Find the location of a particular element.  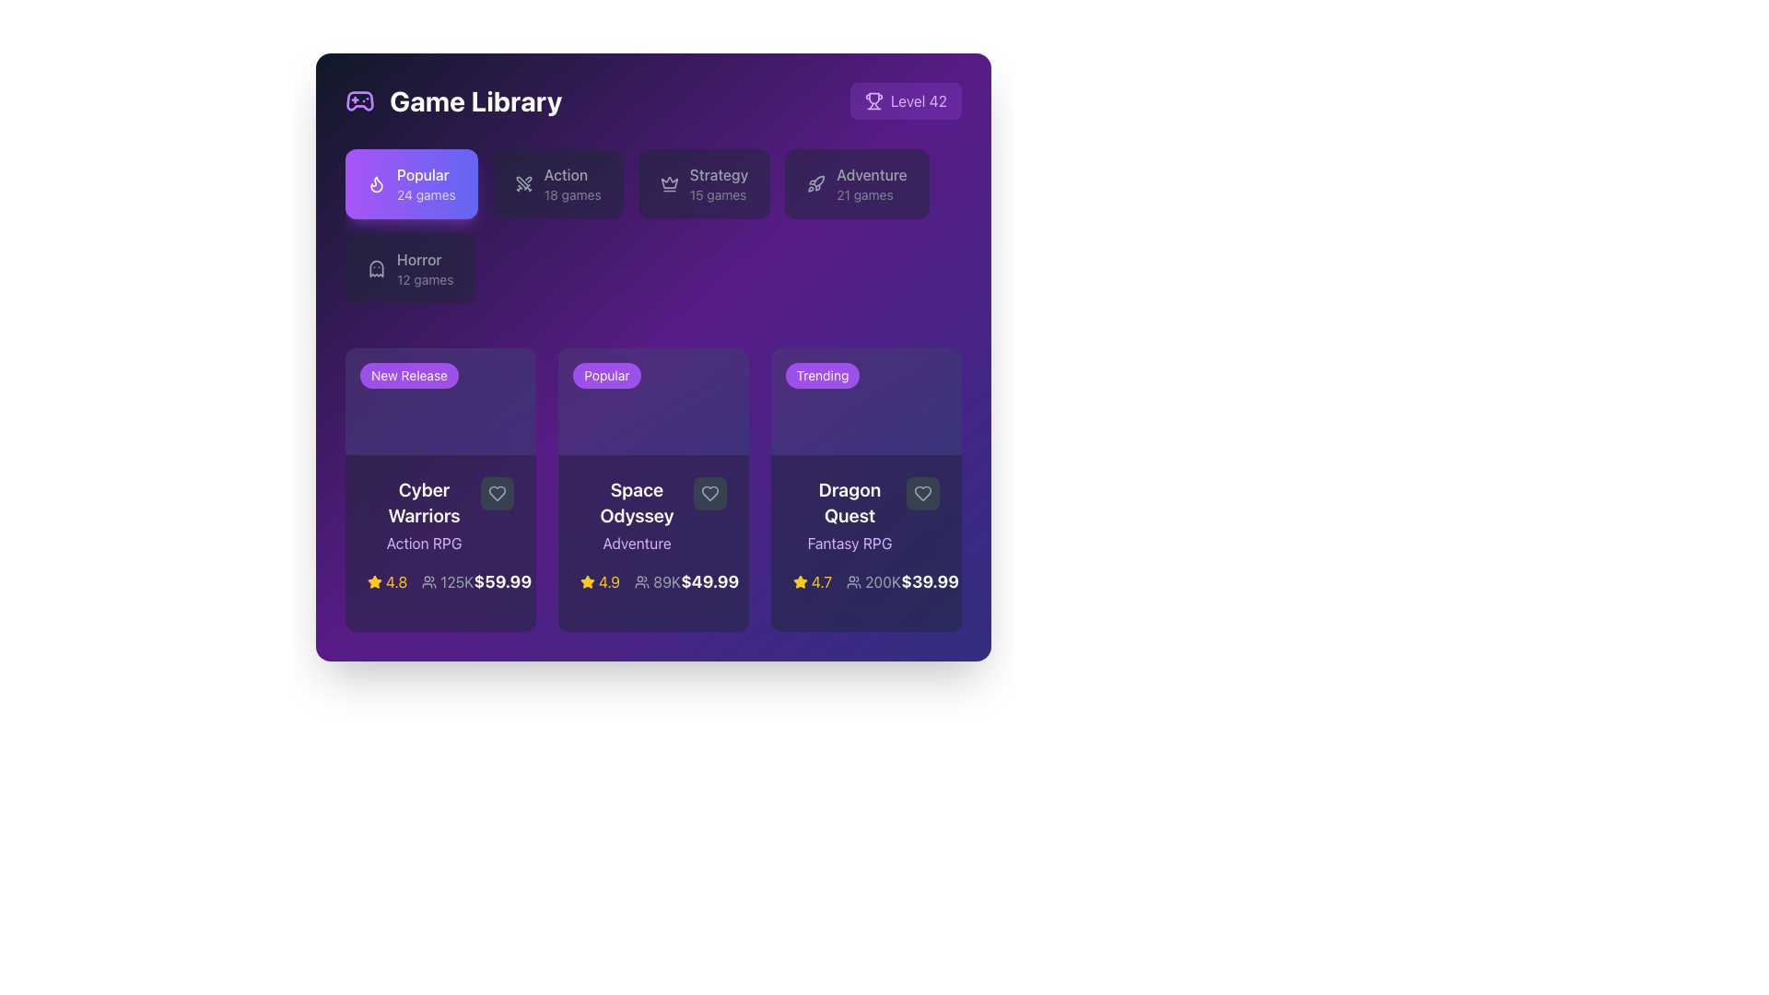

the Rating and user statistics display located within the 'Popular' card of the 'Game Library' section, below the game title 'Space Odyssey' is located at coordinates (630, 582).